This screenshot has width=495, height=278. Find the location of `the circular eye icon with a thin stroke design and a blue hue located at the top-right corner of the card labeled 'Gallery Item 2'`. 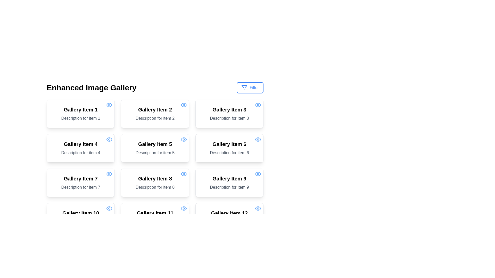

the circular eye icon with a thin stroke design and a blue hue located at the top-right corner of the card labeled 'Gallery Item 2' is located at coordinates (184, 105).